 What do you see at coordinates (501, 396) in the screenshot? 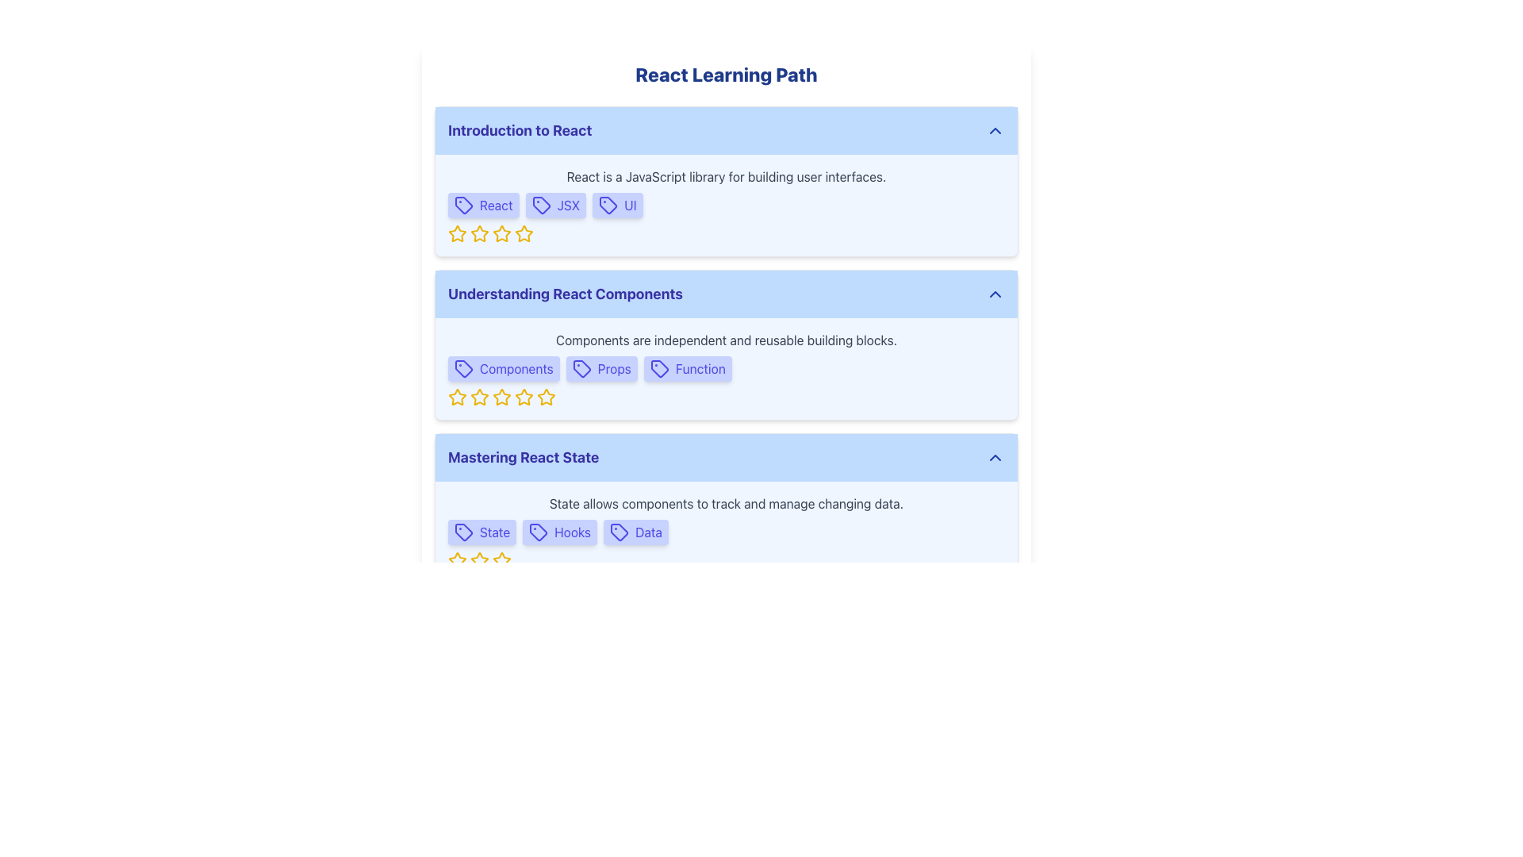
I see `the third star icon` at bounding box center [501, 396].